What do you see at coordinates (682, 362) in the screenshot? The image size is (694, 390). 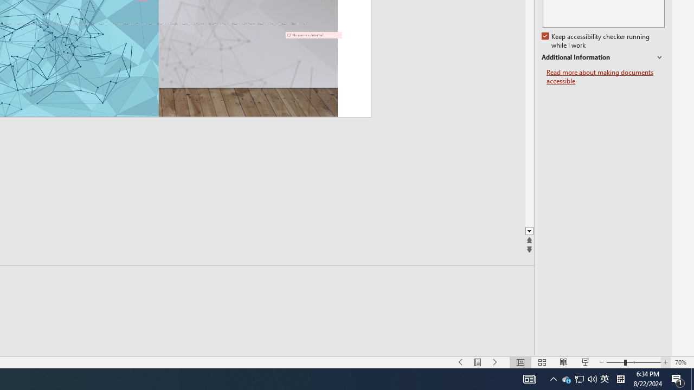 I see `'Zoom 70%'` at bounding box center [682, 362].